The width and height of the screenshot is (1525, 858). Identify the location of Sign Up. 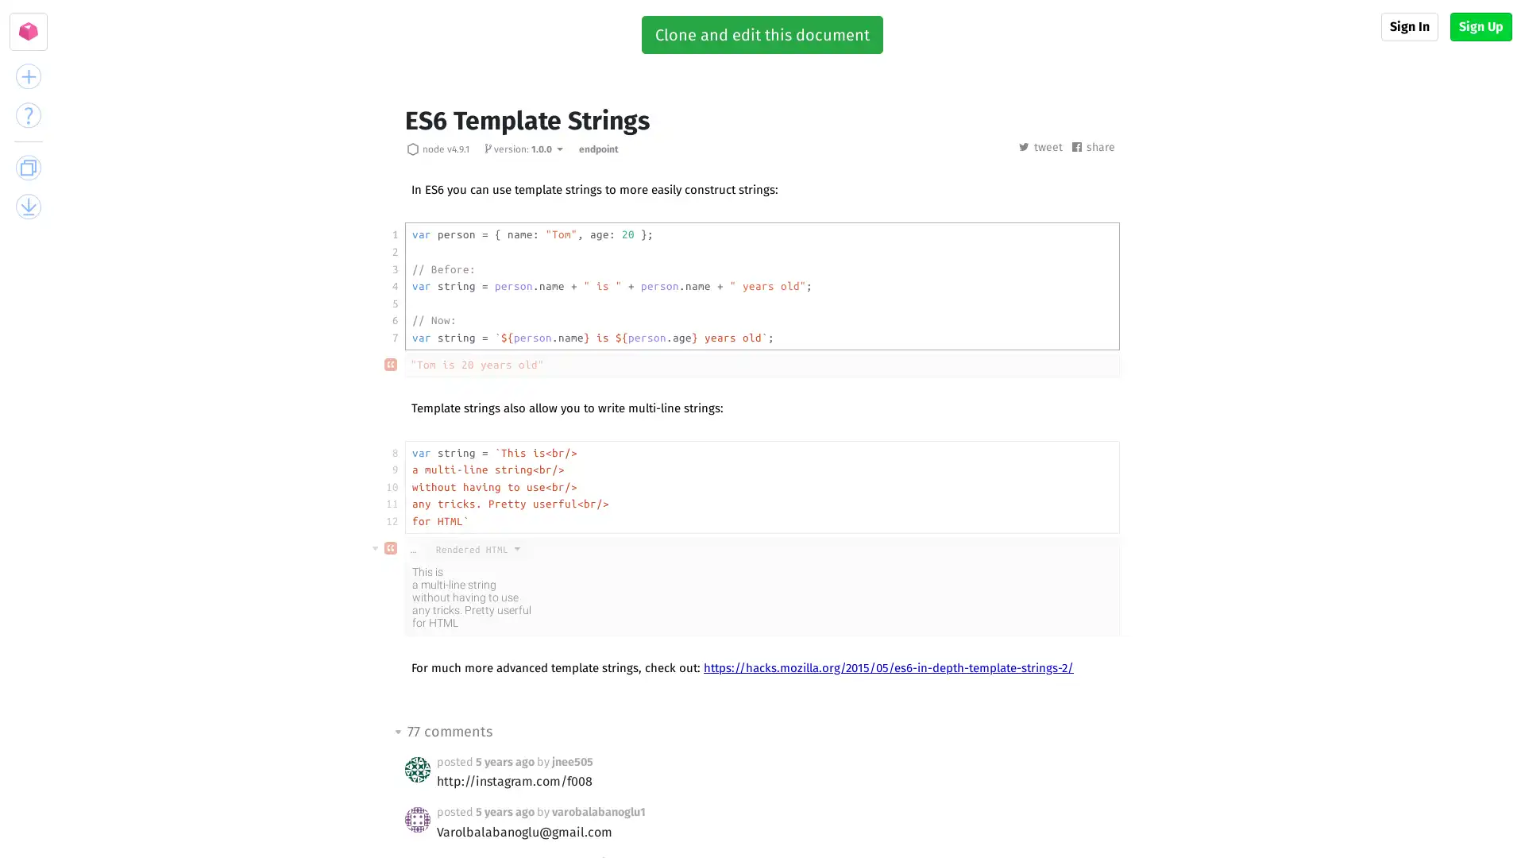
(1481, 27).